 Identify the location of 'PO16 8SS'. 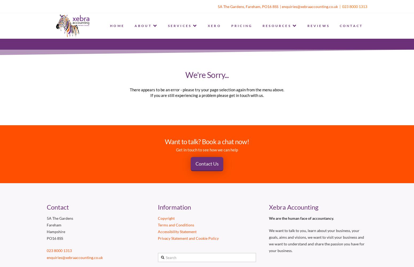
(54, 238).